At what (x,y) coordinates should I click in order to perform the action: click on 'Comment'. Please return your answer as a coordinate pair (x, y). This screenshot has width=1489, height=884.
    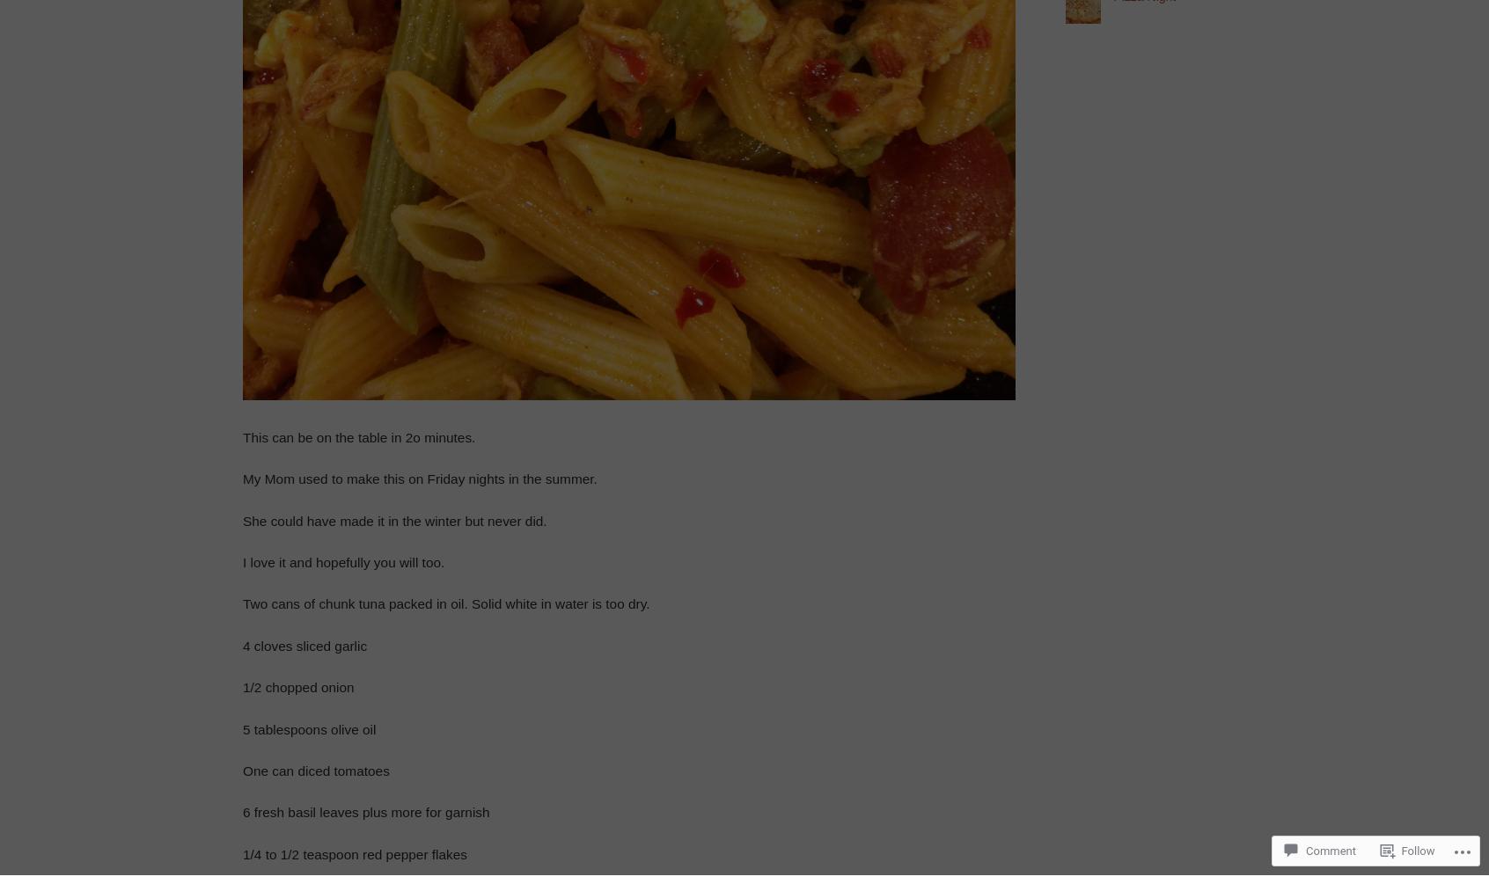
    Looking at the image, I should click on (1306, 850).